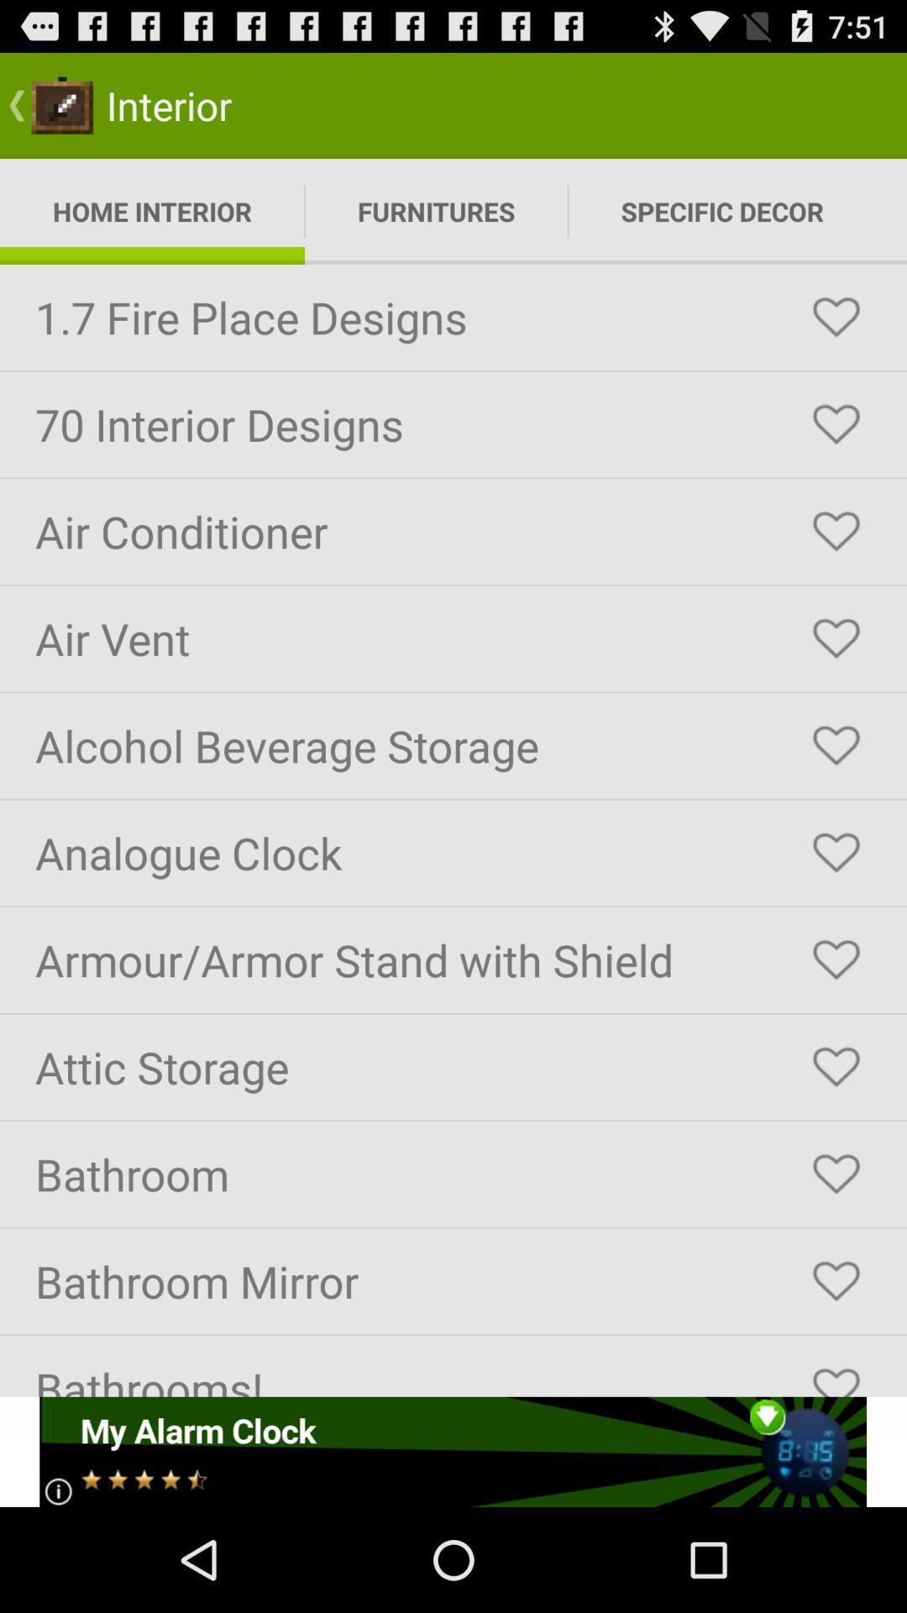 Image resolution: width=907 pixels, height=1613 pixels. What do you see at coordinates (452, 1451) in the screenshot?
I see `advertisement` at bounding box center [452, 1451].